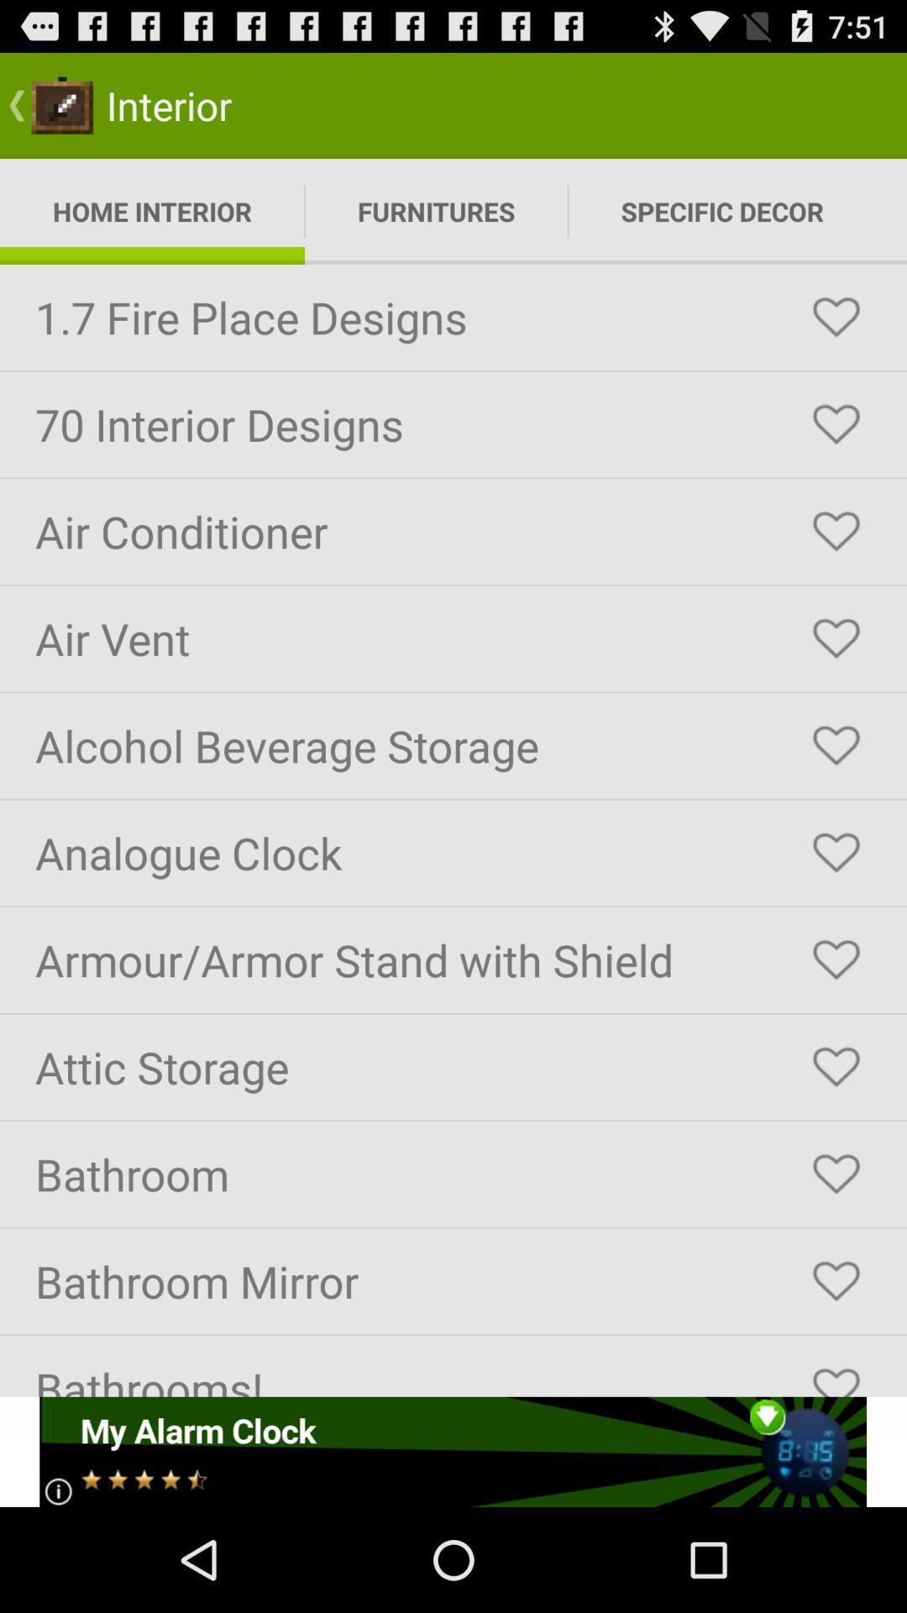 Image resolution: width=907 pixels, height=1613 pixels. What do you see at coordinates (452, 1451) in the screenshot?
I see `advertisement` at bounding box center [452, 1451].